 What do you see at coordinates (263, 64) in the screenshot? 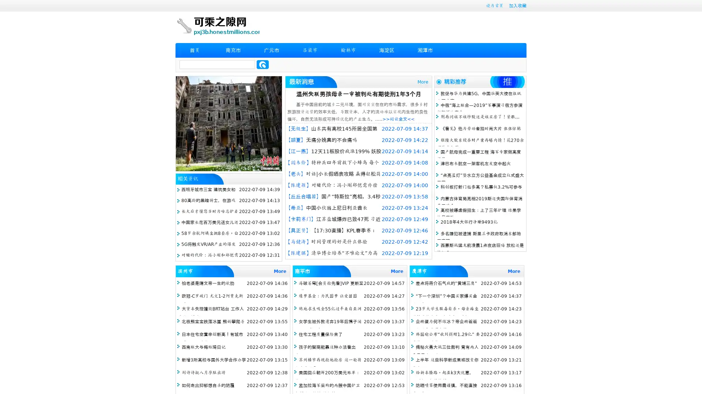
I see `Search` at bounding box center [263, 64].